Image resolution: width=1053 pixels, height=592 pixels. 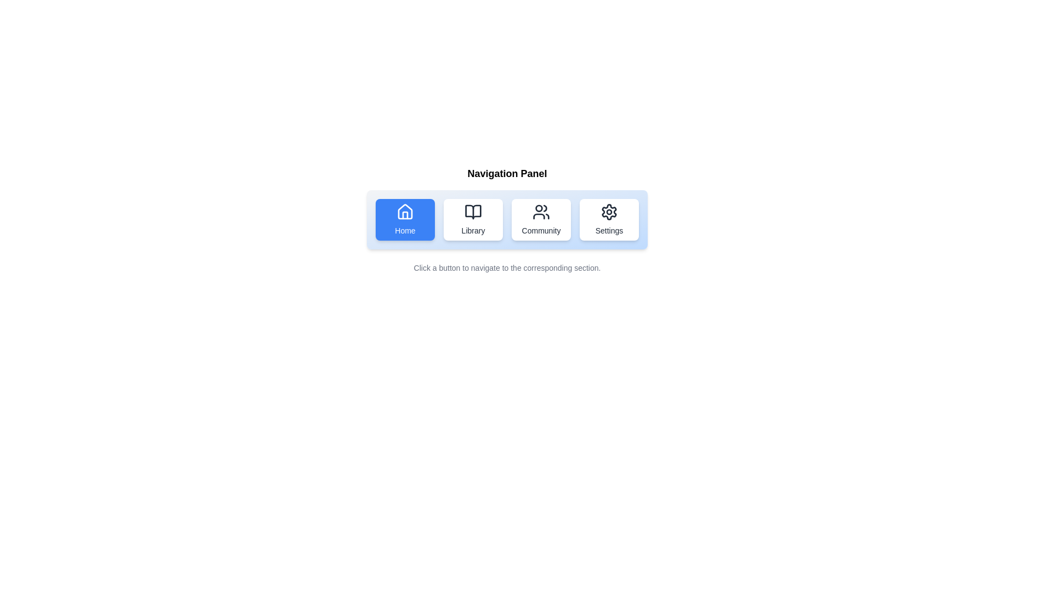 I want to click on the gear-shaped icon associated with the 'Settings' button in the navigation panel, so click(x=608, y=212).